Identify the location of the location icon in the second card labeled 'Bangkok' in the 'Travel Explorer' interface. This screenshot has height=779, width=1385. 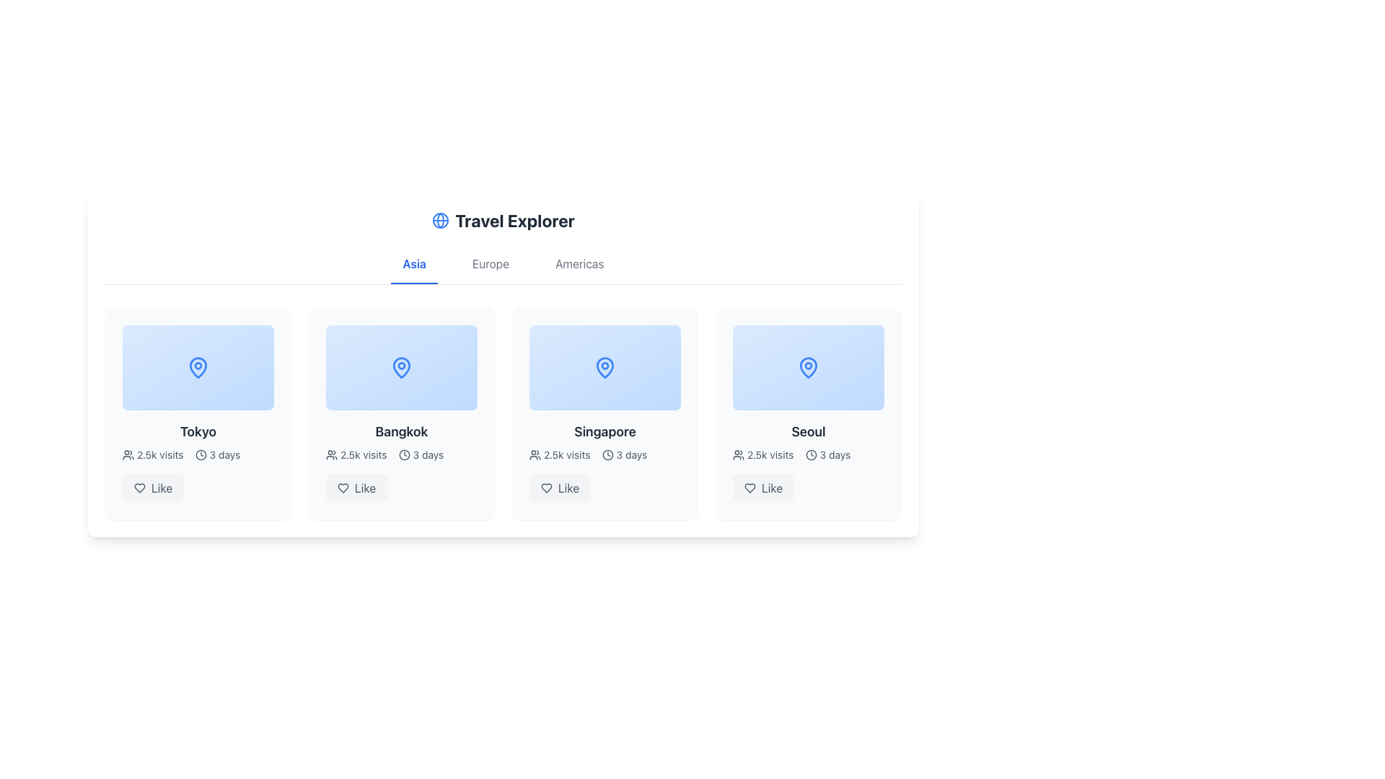
(401, 366).